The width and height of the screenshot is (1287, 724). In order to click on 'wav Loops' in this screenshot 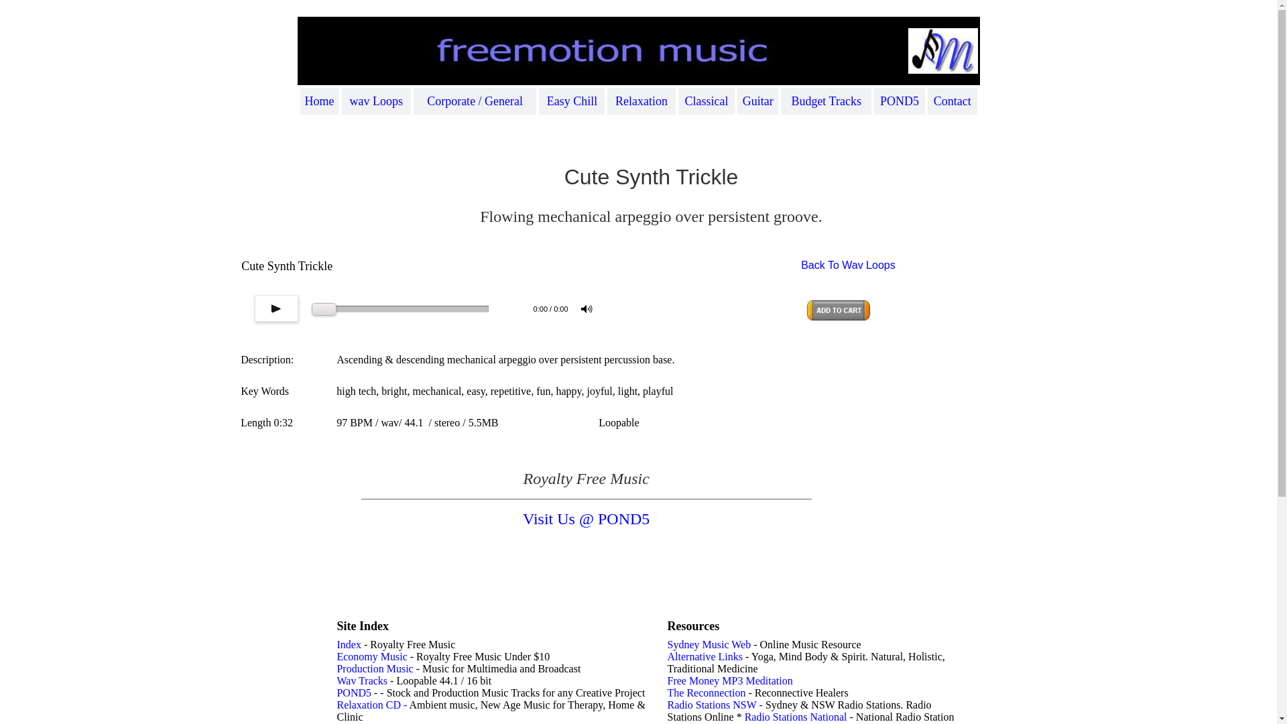, I will do `click(375, 100)`.